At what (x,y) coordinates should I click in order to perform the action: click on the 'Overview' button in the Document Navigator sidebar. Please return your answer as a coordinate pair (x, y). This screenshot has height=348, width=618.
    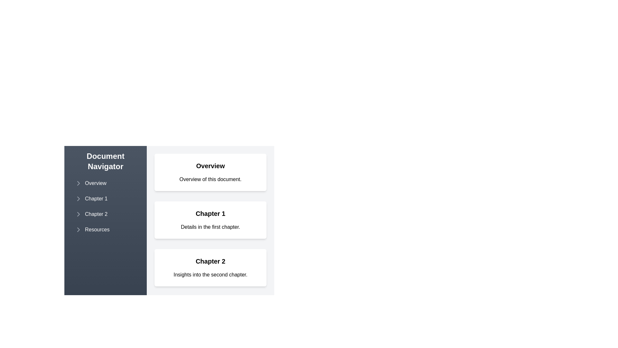
    Looking at the image, I should click on (105, 183).